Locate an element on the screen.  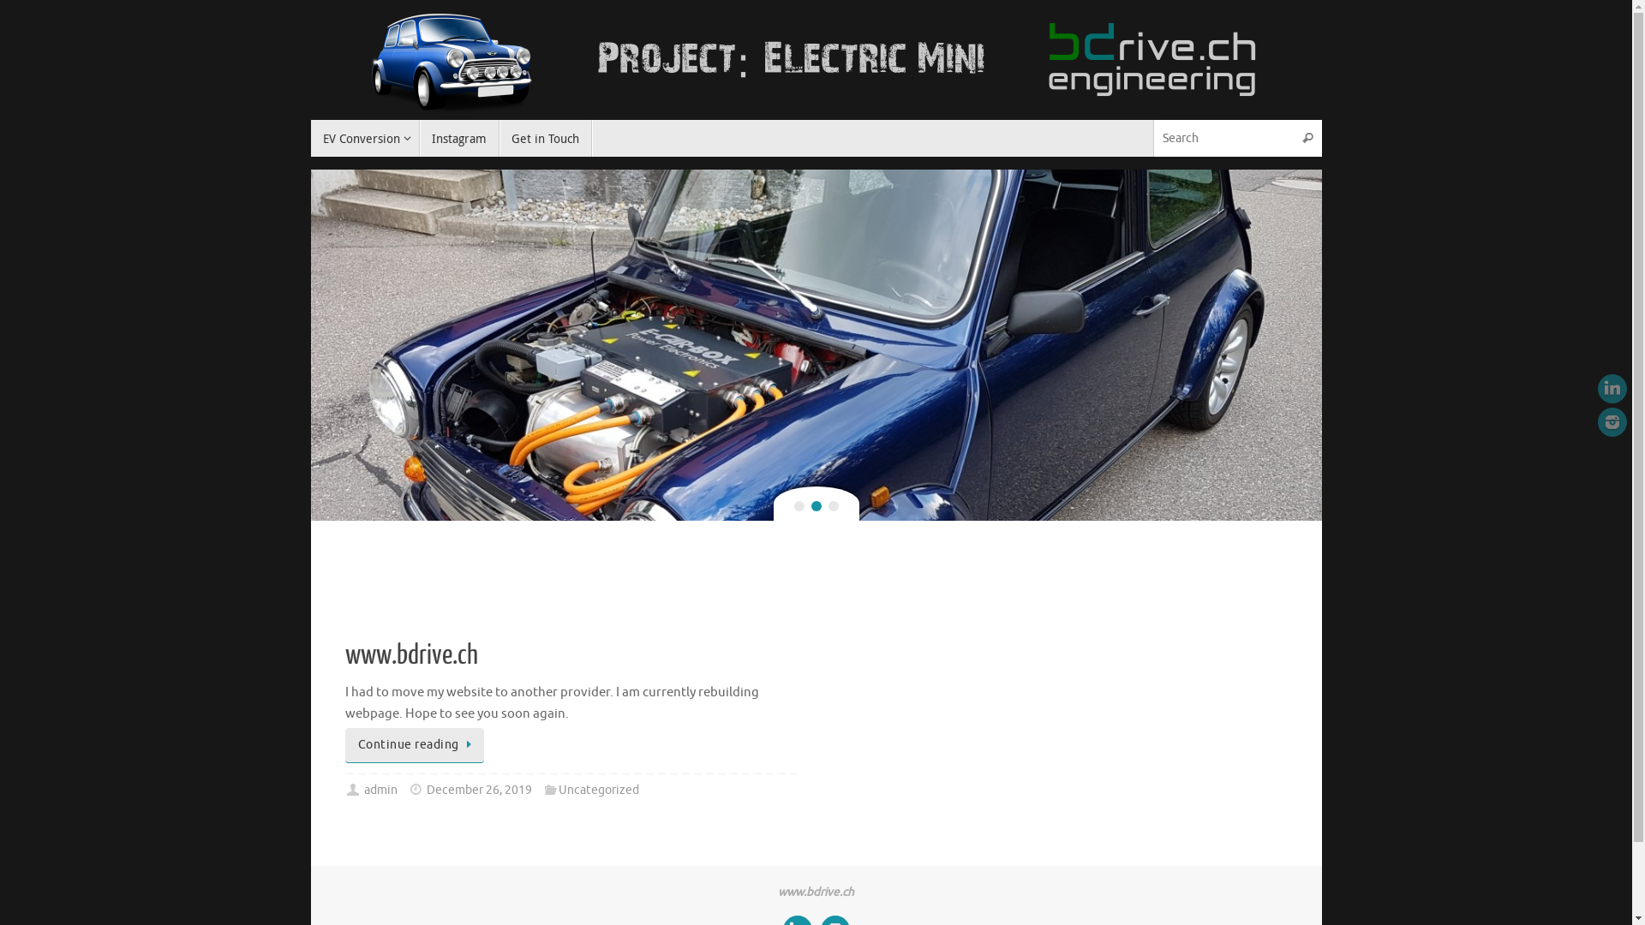
'Categories' is located at coordinates (541, 790).